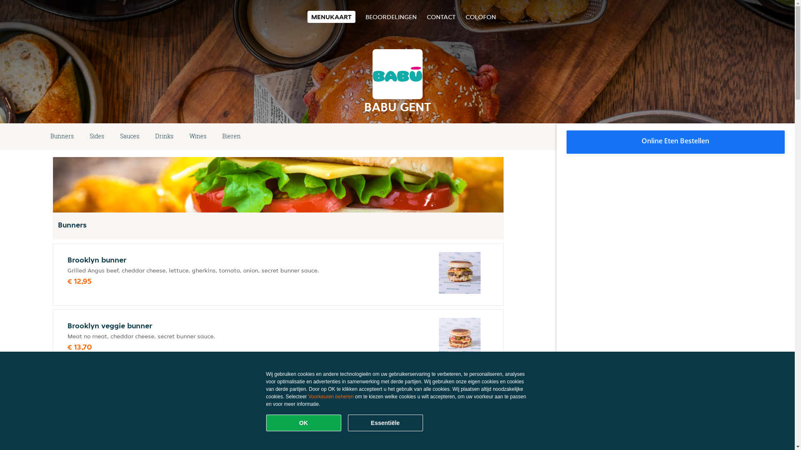  What do you see at coordinates (97, 136) in the screenshot?
I see `'Sides'` at bounding box center [97, 136].